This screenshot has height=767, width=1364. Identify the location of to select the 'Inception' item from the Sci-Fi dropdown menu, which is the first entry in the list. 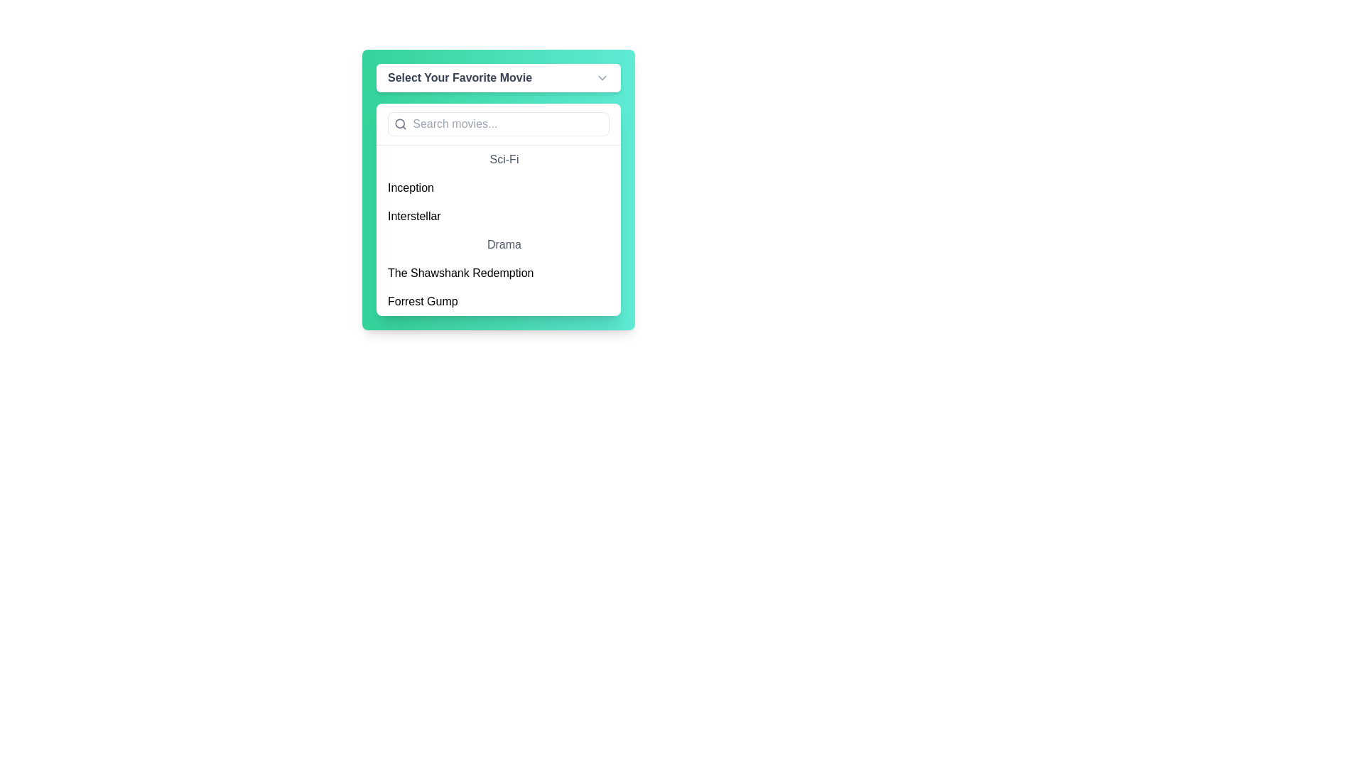
(498, 187).